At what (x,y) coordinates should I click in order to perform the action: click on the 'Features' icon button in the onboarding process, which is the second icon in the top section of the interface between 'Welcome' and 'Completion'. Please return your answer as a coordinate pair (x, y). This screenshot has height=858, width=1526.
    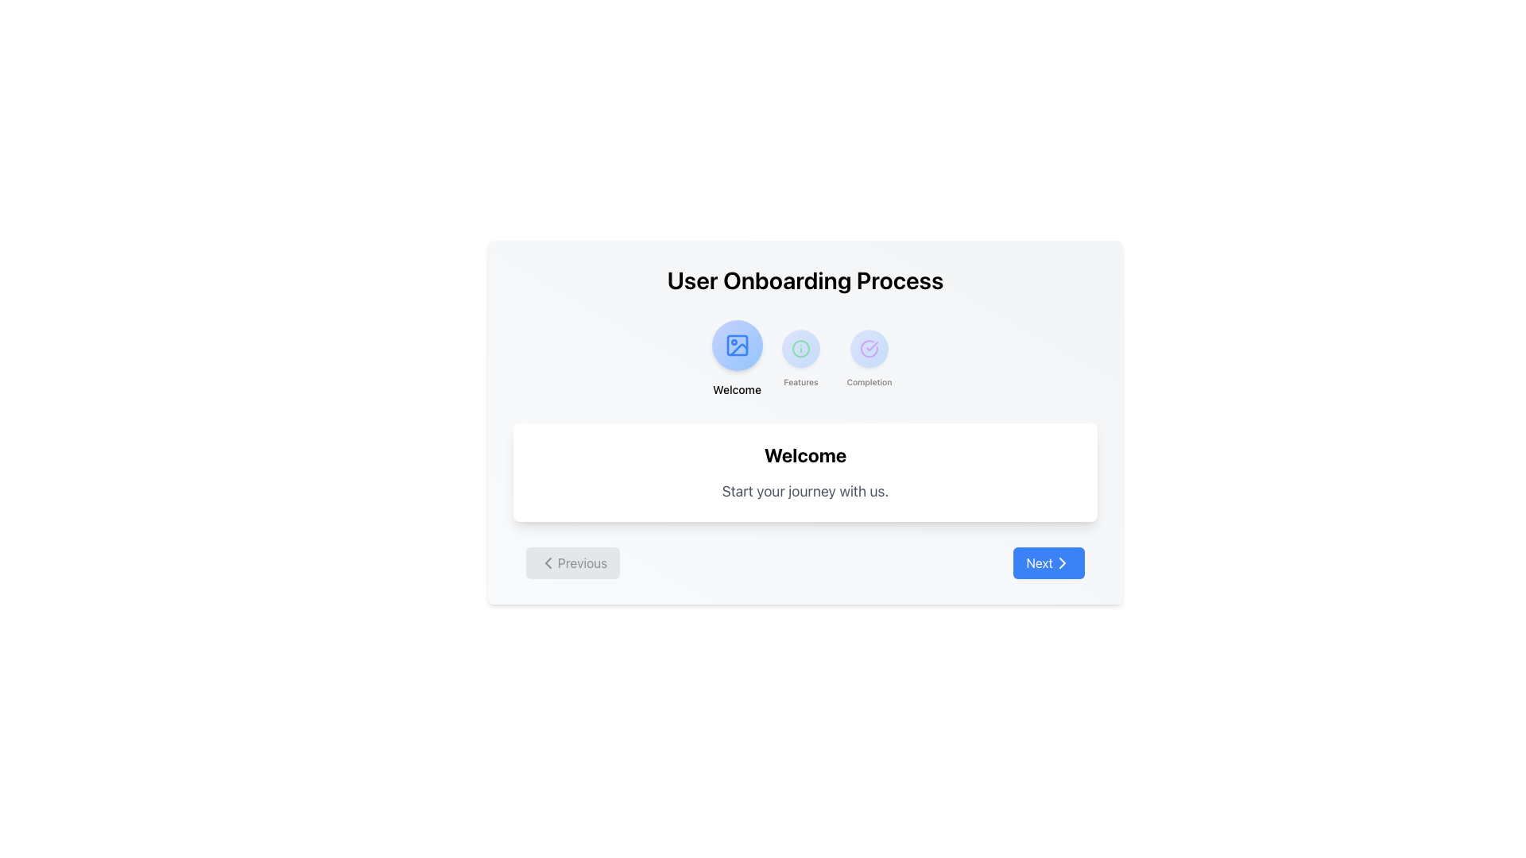
    Looking at the image, I should click on (800, 348).